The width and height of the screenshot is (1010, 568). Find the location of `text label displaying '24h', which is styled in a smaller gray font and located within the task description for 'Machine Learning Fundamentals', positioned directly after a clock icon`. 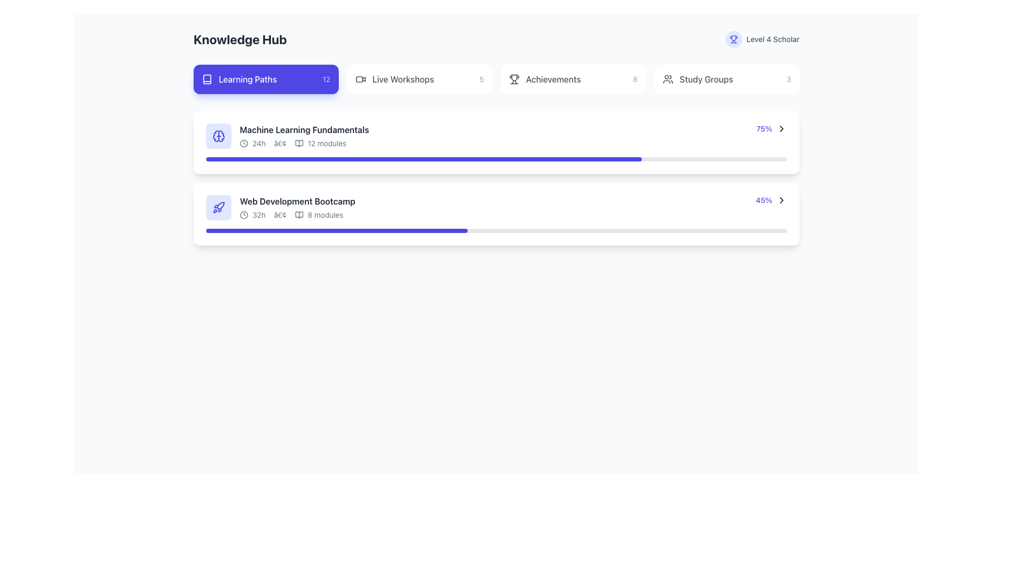

text label displaying '24h', which is styled in a smaller gray font and located within the task description for 'Machine Learning Fundamentals', positioned directly after a clock icon is located at coordinates (259, 144).